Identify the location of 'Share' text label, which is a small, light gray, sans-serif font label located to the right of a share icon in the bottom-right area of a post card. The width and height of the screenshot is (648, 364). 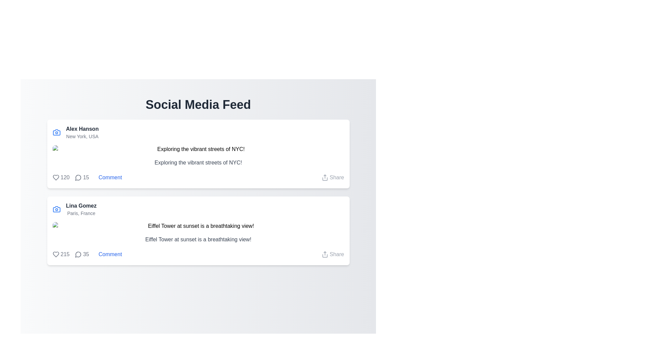
(337, 177).